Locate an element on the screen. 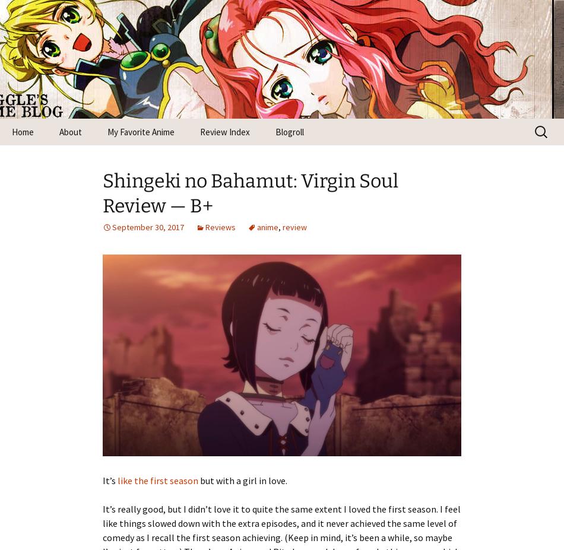  'It’s' is located at coordinates (110, 479).